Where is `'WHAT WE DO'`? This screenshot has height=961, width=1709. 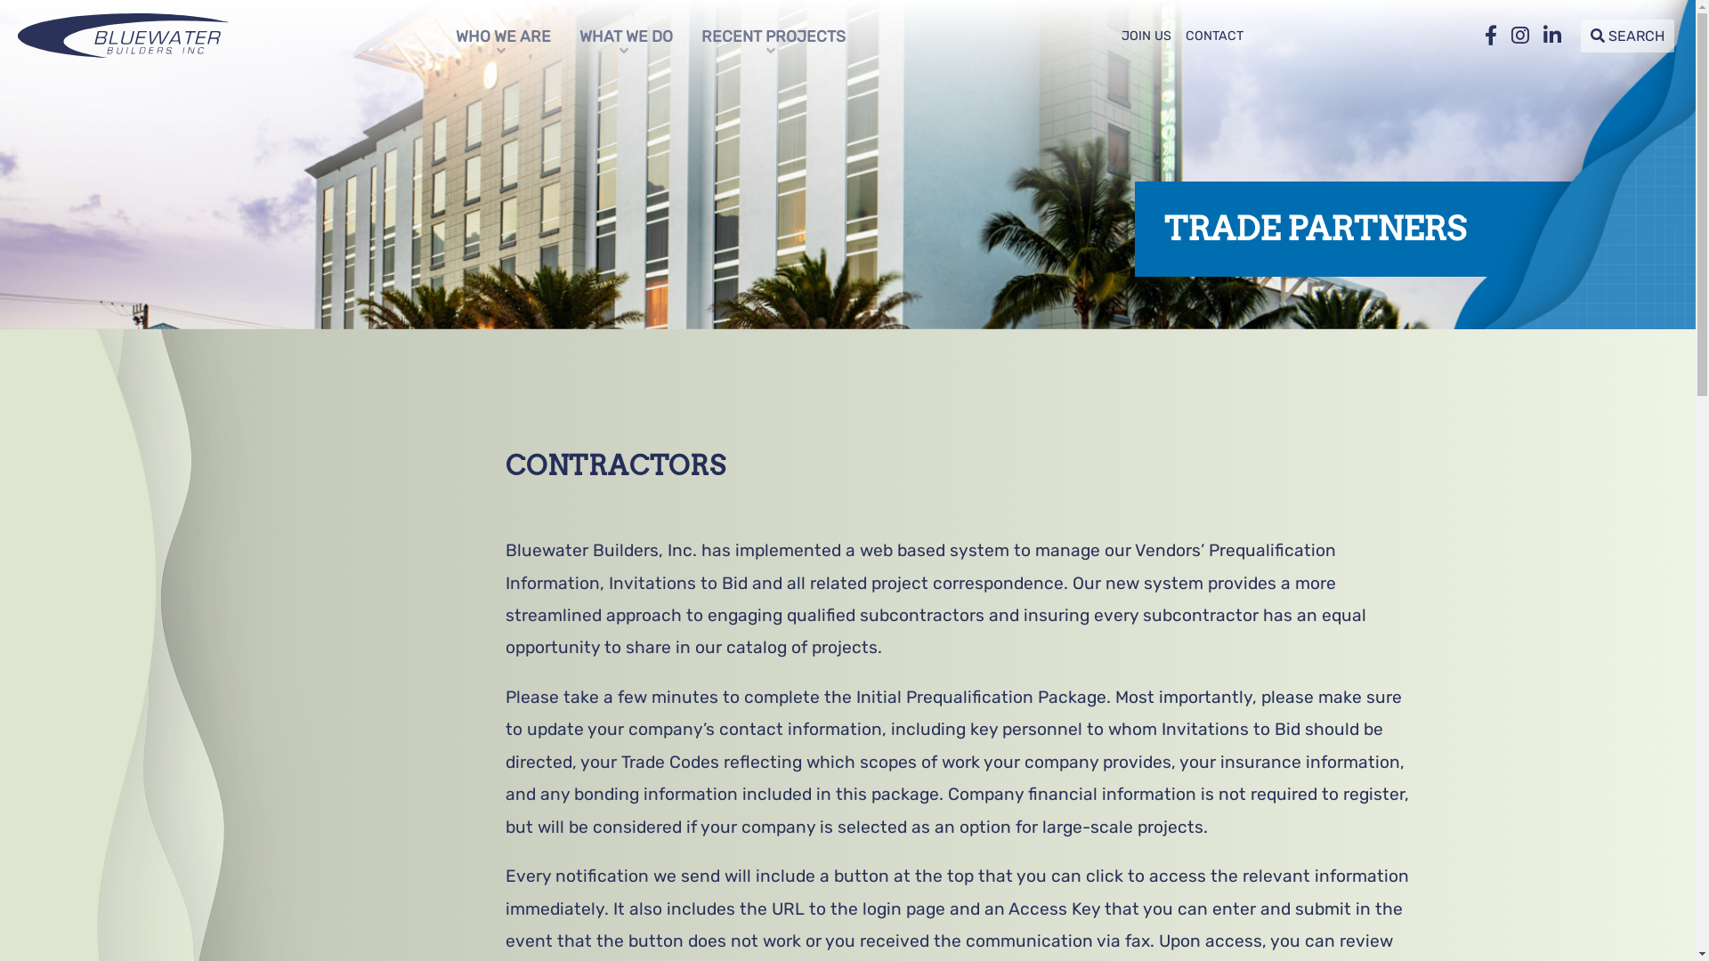
'WHAT WE DO' is located at coordinates (626, 36).